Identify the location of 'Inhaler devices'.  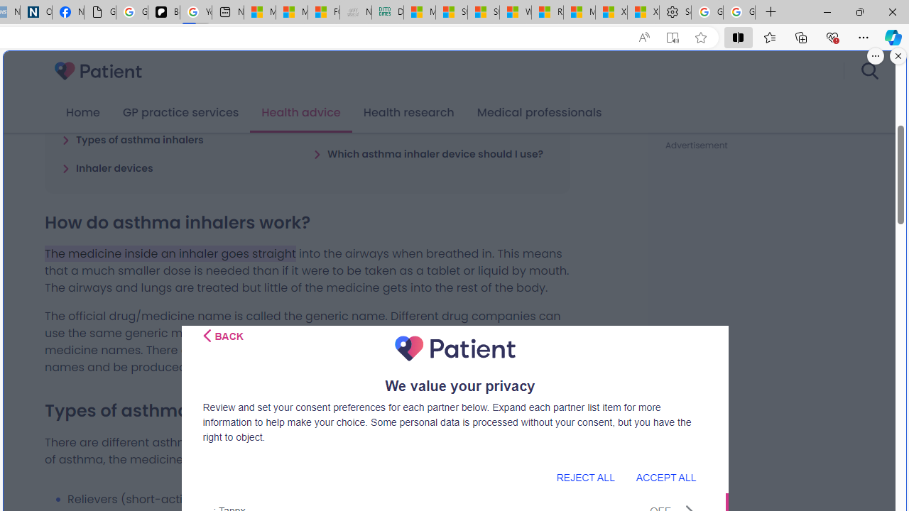
(107, 167).